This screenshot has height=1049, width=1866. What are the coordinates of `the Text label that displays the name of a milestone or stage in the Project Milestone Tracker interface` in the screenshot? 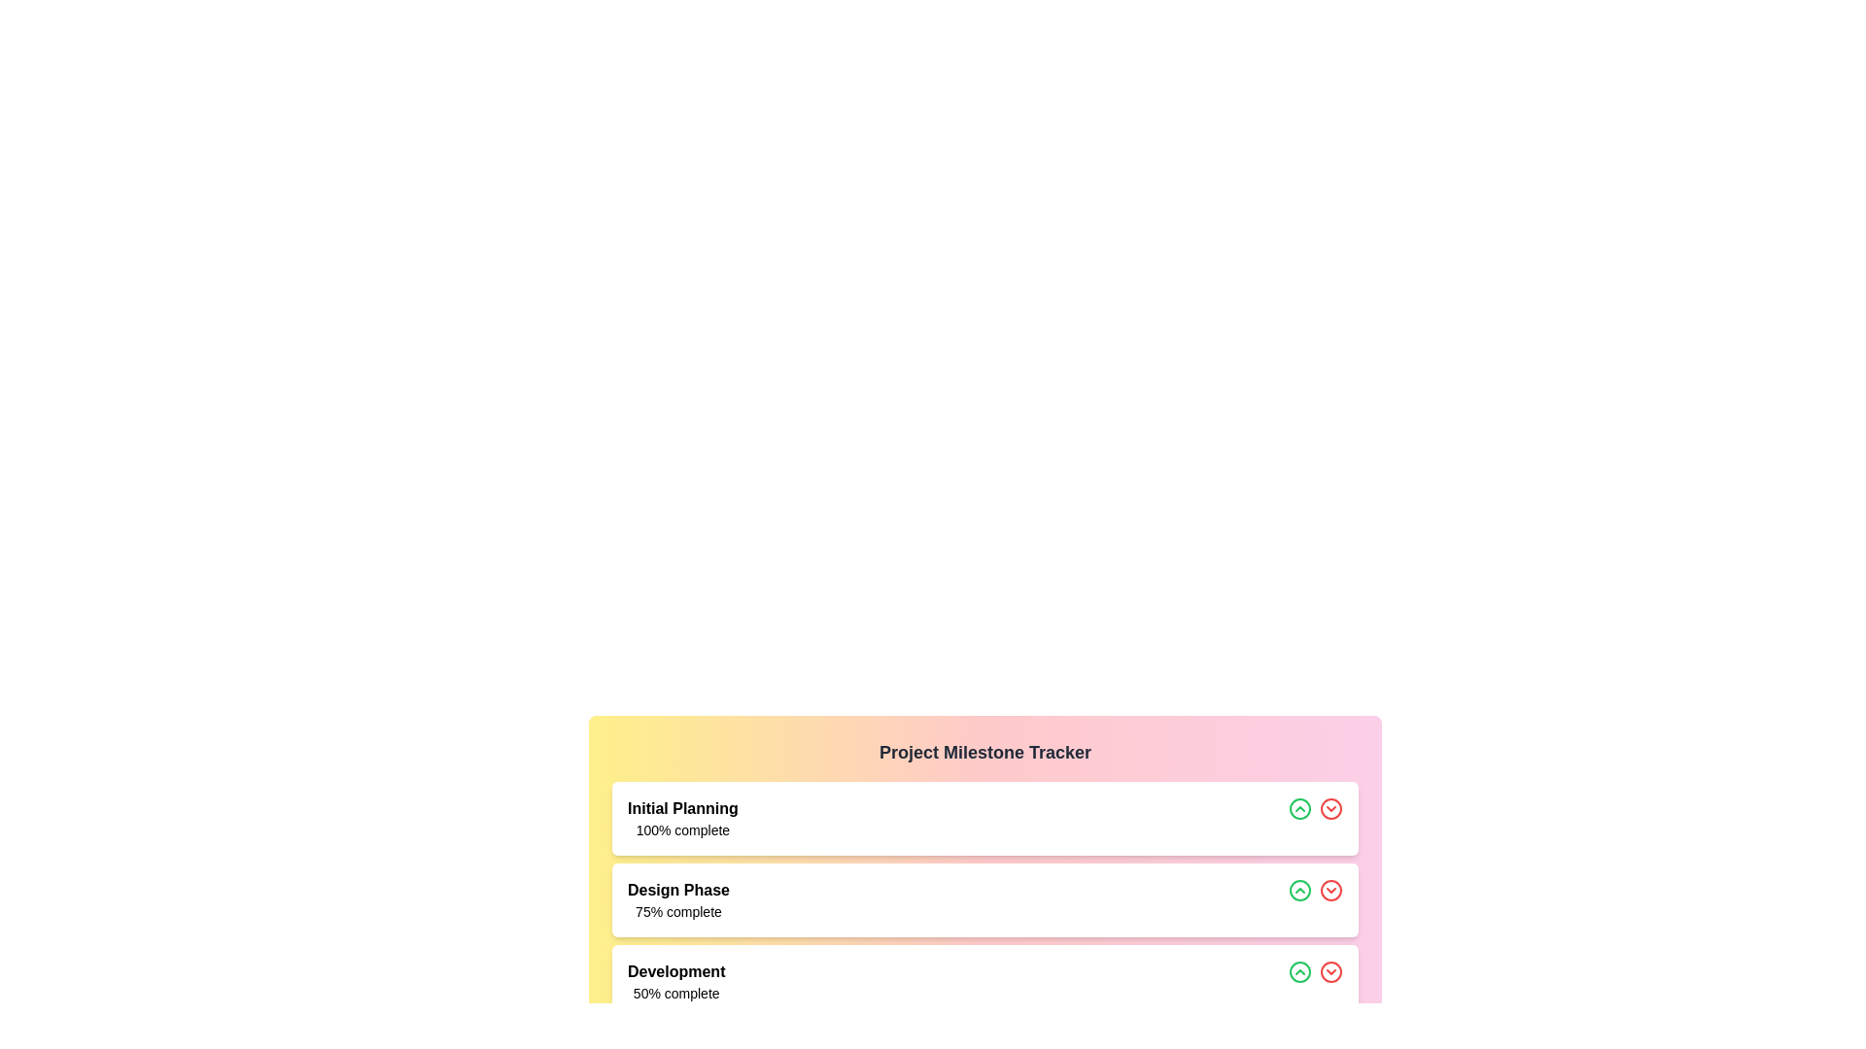 It's located at (682, 809).